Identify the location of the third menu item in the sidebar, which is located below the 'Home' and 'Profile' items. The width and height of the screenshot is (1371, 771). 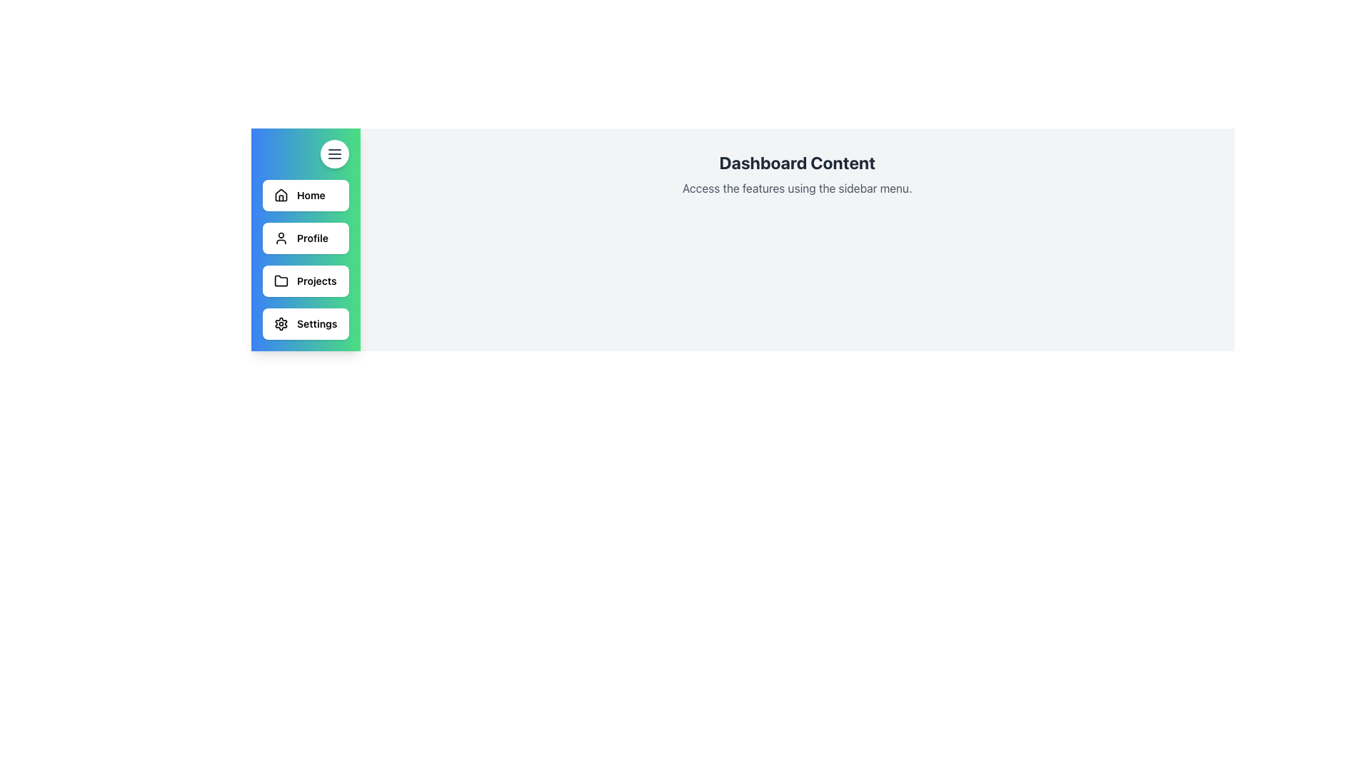
(305, 259).